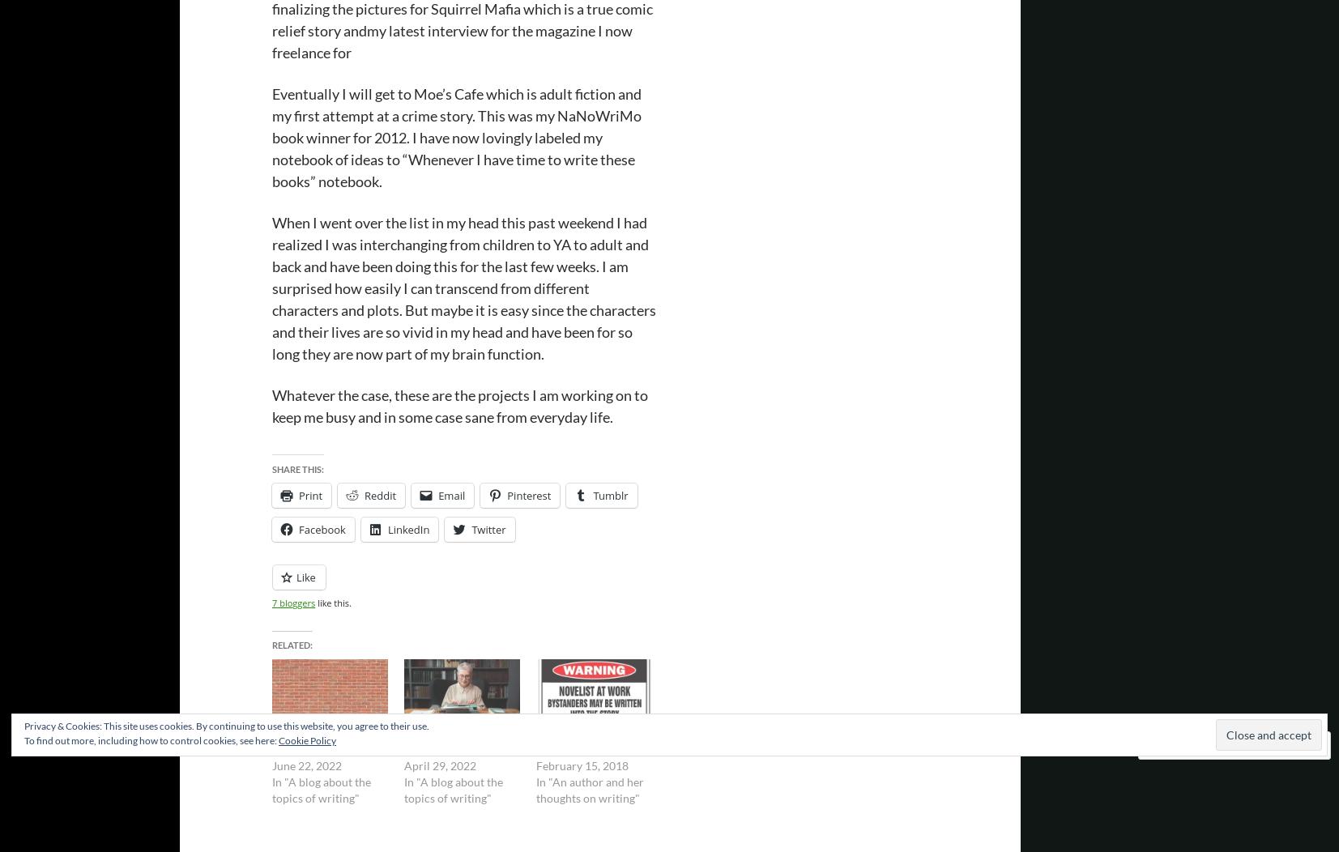 The height and width of the screenshot is (852, 1339). I want to click on 'Share this:', so click(296, 468).